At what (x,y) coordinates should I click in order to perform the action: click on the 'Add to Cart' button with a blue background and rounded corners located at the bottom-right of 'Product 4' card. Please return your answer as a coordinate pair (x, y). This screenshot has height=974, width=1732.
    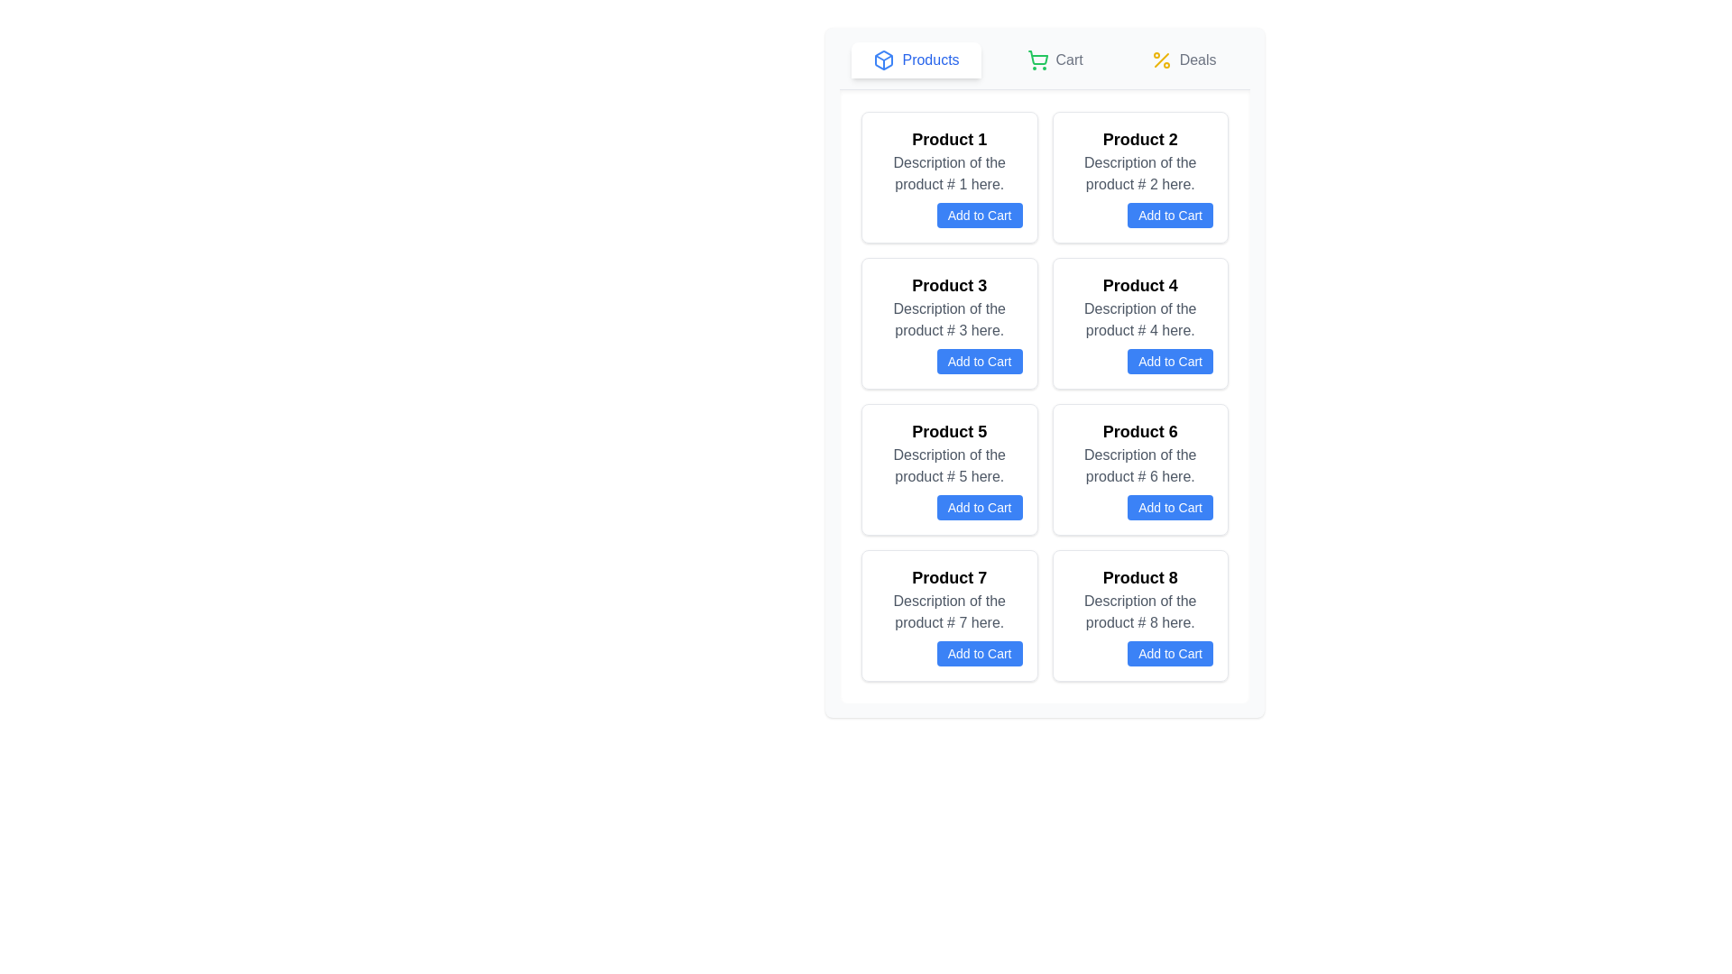
    Looking at the image, I should click on (1139, 362).